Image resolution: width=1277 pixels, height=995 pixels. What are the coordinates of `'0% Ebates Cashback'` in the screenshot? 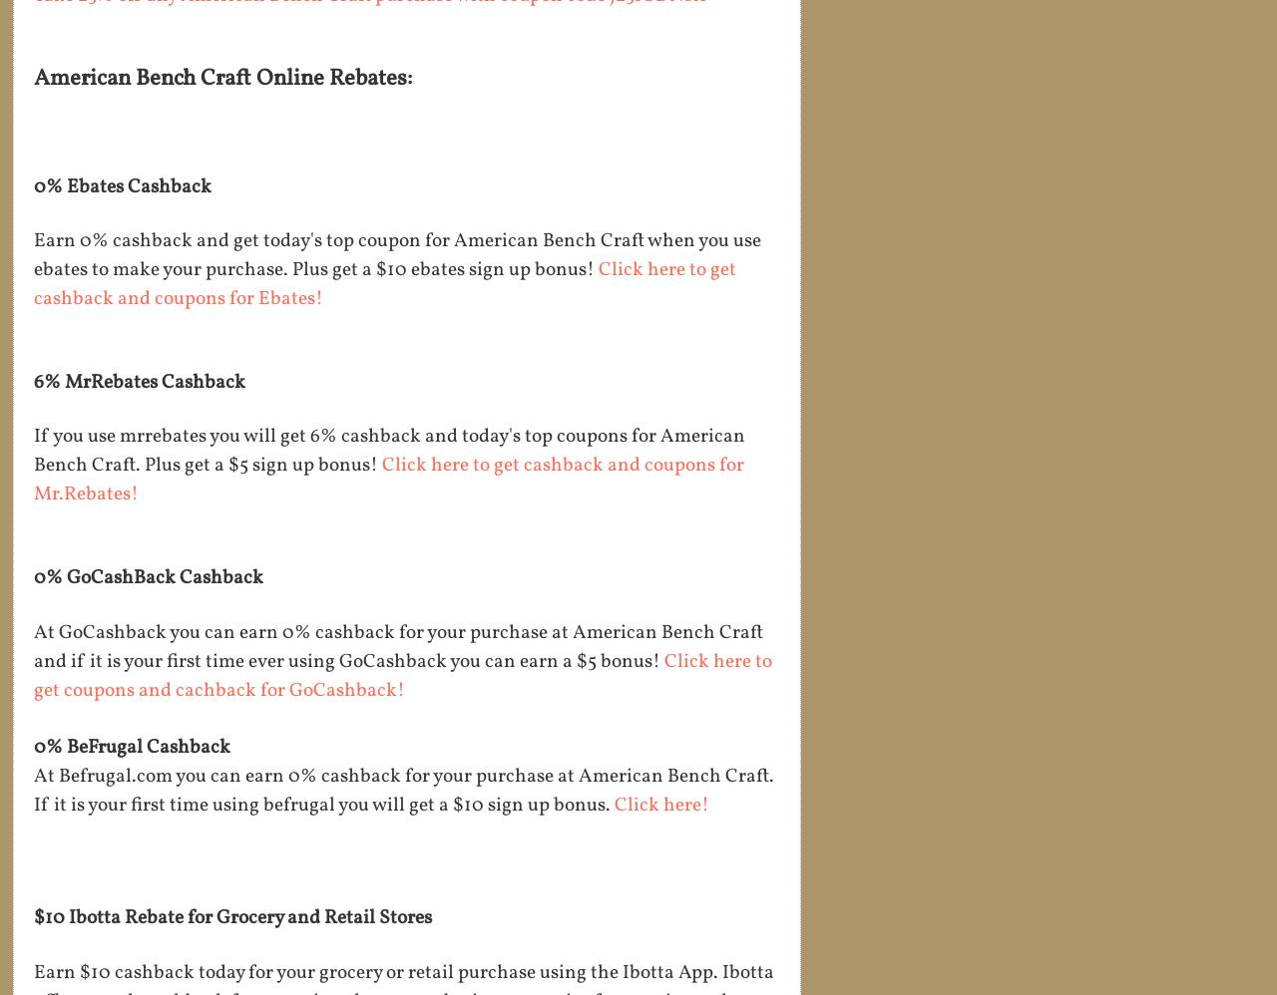 It's located at (122, 185).